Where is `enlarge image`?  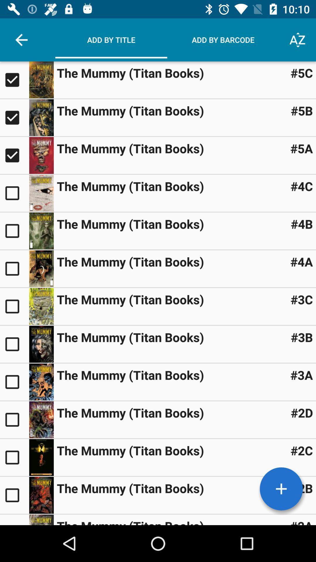 enlarge image is located at coordinates (41, 230).